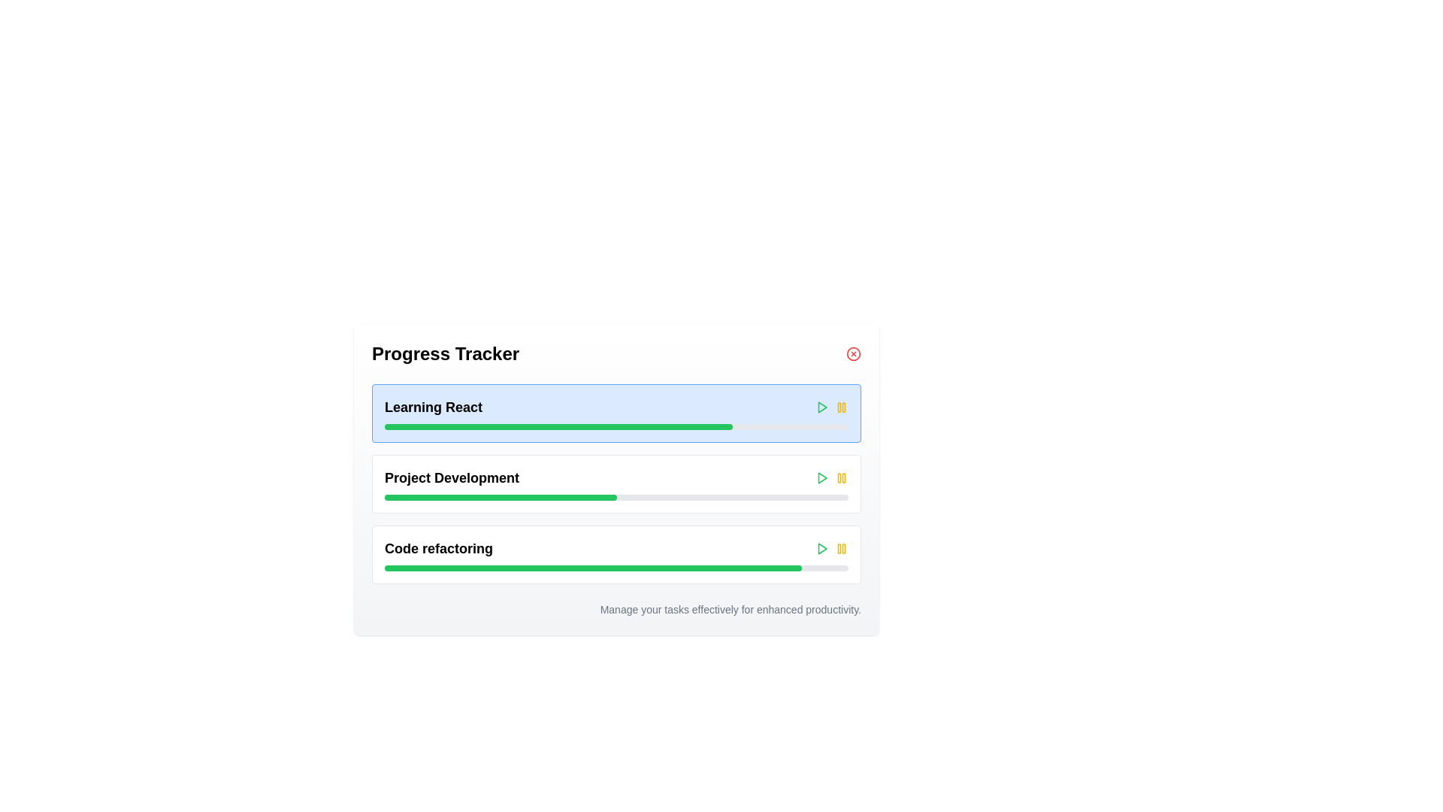  I want to click on the visual progress represented by the green progress bar segment within the 'Project Development' progress tracker UI, so click(592, 568).